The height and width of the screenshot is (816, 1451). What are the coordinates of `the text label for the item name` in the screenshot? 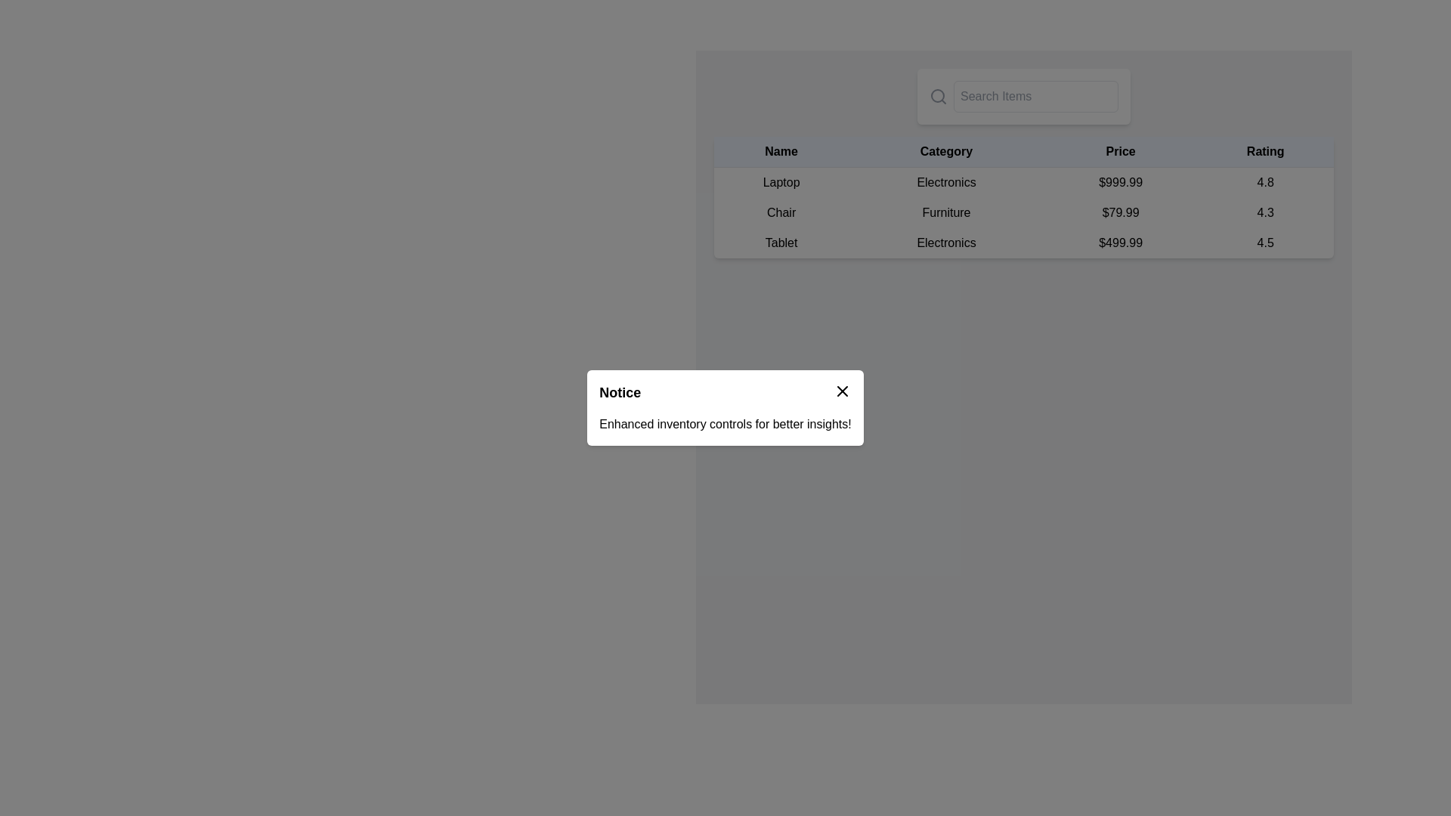 It's located at (781, 242).